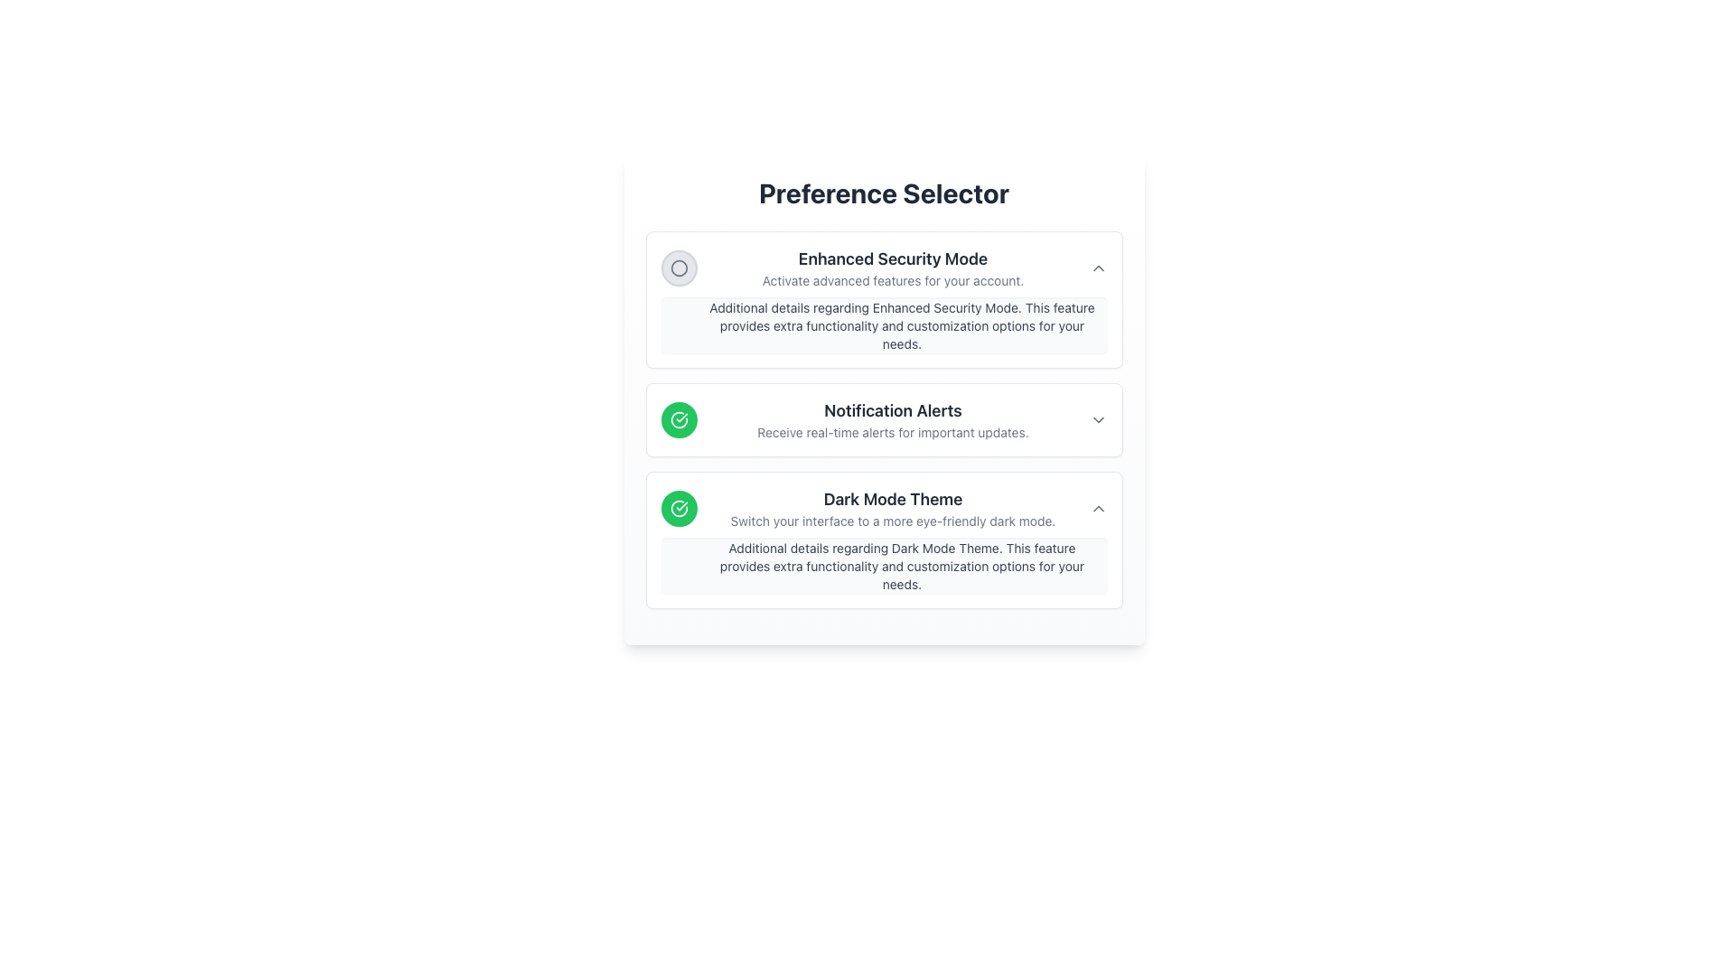 The image size is (1735, 976). Describe the element at coordinates (678, 509) in the screenshot. I see `the curved segment of the SVG icon representing Notification Alerts, which is part of the larger arc portion of the circular design` at that location.